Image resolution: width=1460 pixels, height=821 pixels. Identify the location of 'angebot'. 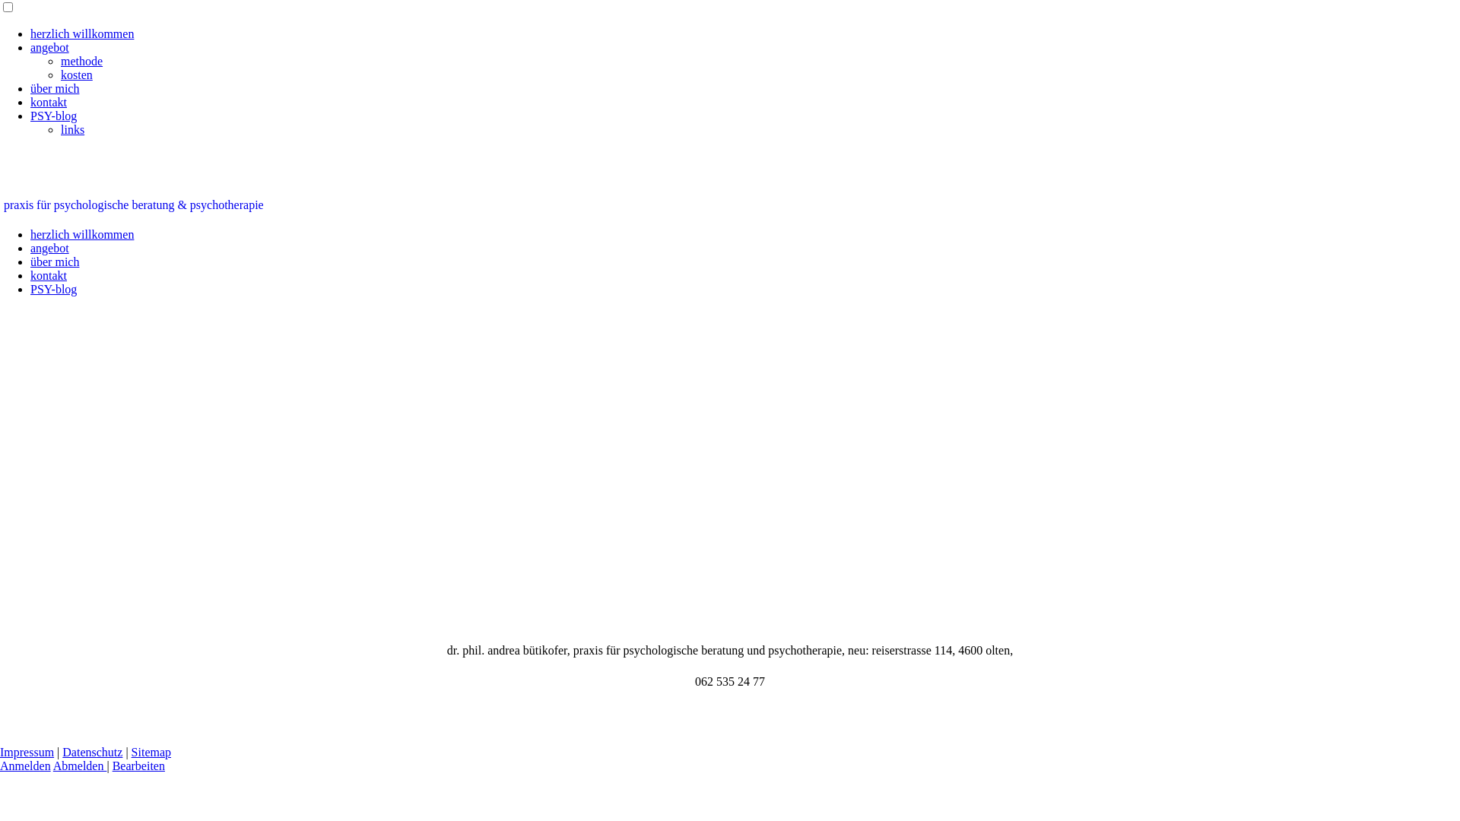
(49, 46).